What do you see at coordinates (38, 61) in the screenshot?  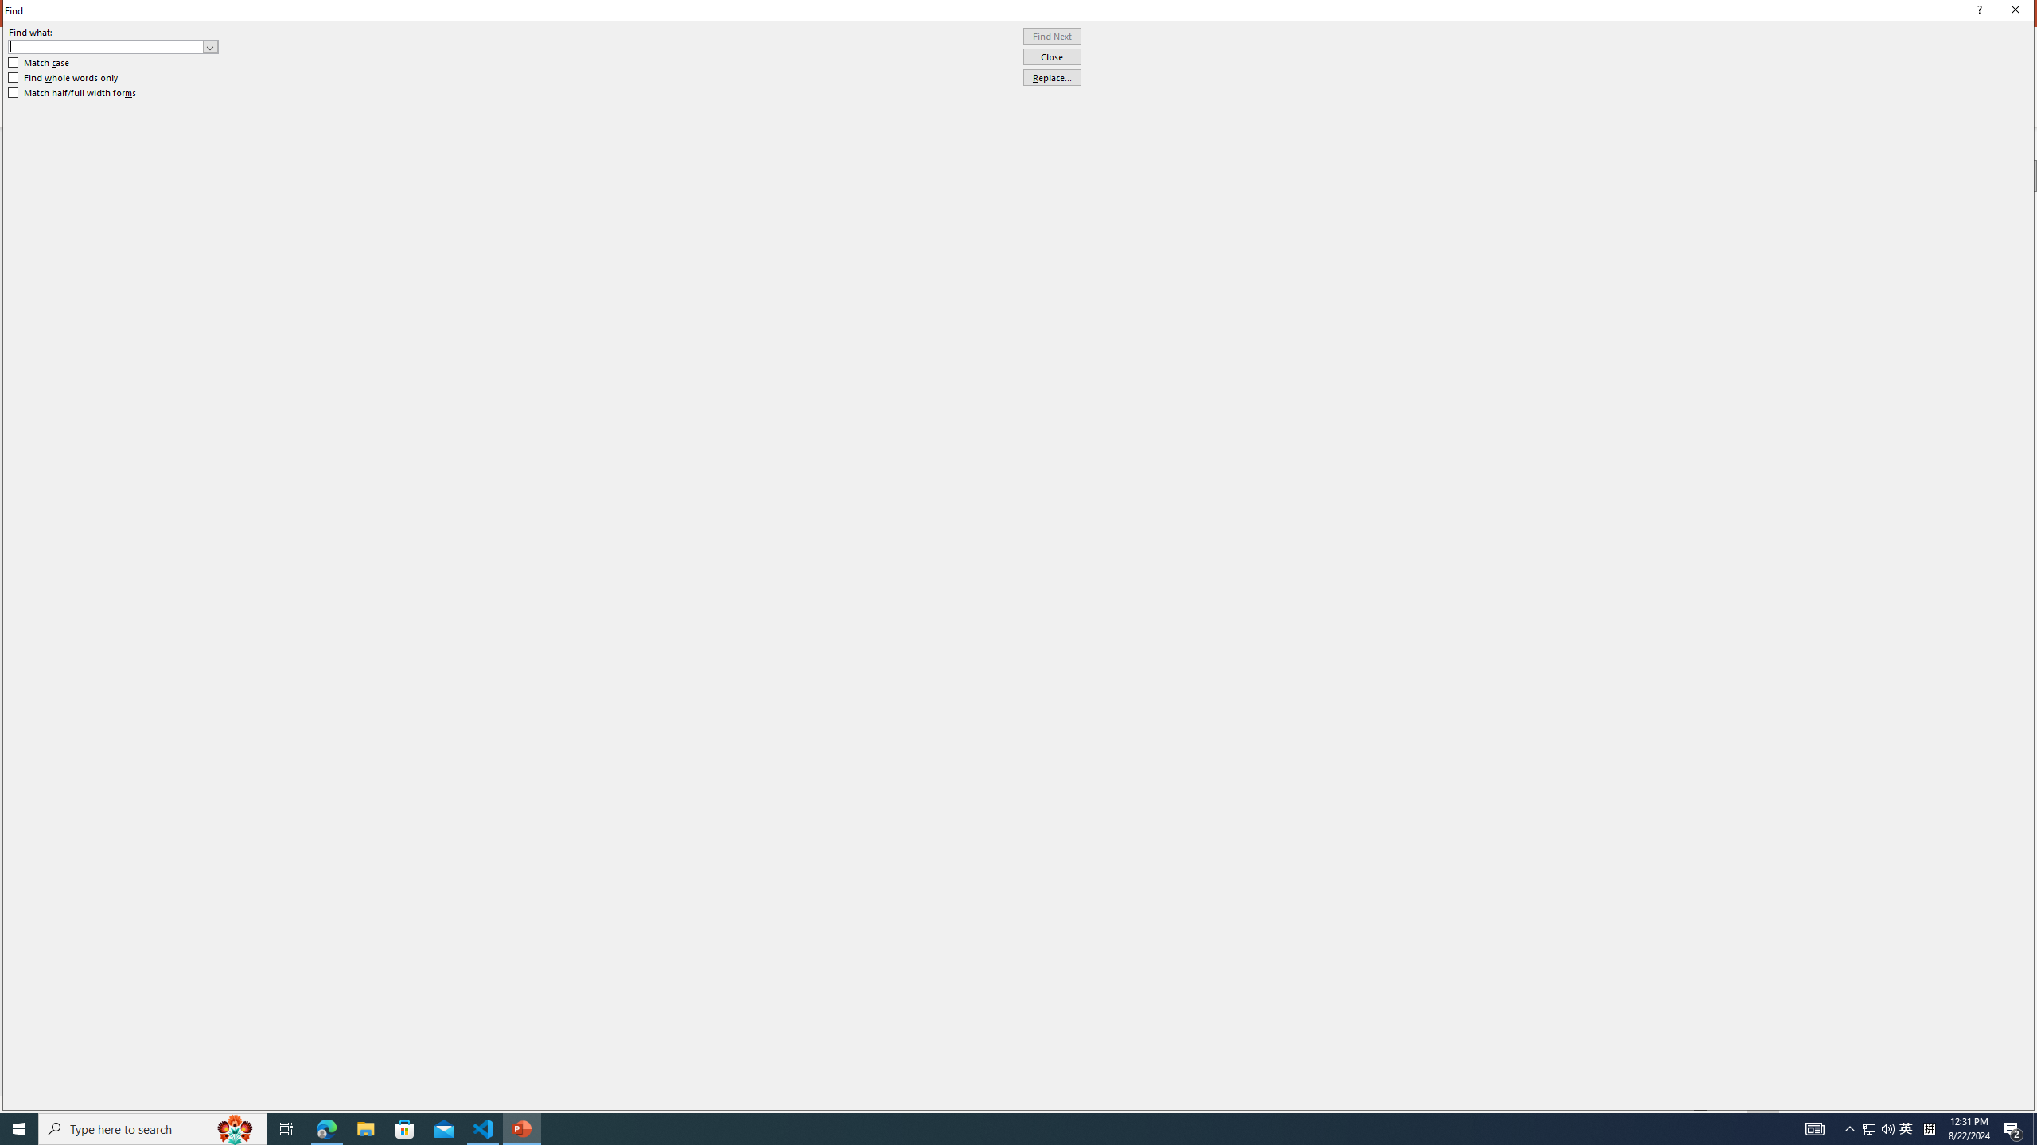 I see `'Match case'` at bounding box center [38, 61].